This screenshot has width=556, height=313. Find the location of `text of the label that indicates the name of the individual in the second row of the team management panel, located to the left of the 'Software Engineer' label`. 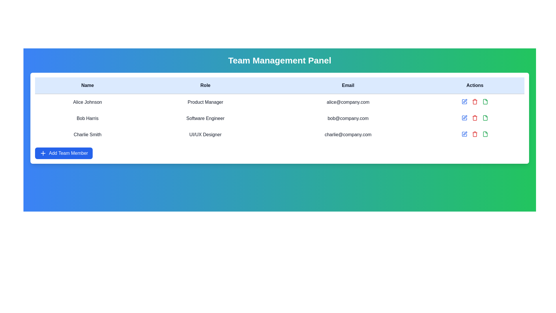

text of the label that indicates the name of the individual in the second row of the team management panel, located to the left of the 'Software Engineer' label is located at coordinates (87, 118).